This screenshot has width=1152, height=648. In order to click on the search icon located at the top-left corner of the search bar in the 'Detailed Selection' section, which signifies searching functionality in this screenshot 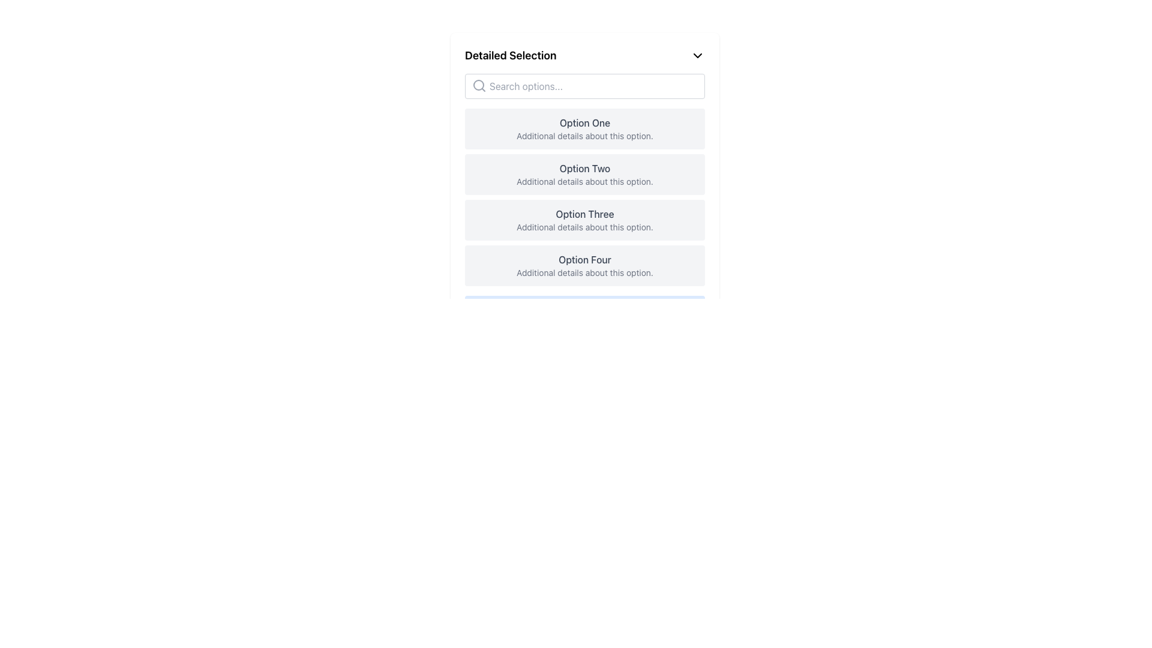, I will do `click(478, 85)`.